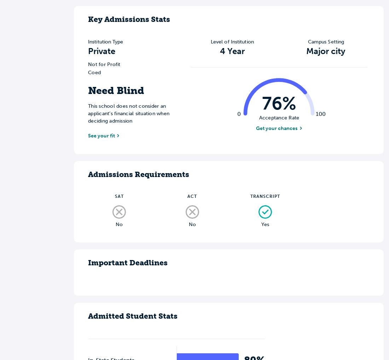 The height and width of the screenshot is (360, 389). I want to click on 'SAT', so click(118, 196).